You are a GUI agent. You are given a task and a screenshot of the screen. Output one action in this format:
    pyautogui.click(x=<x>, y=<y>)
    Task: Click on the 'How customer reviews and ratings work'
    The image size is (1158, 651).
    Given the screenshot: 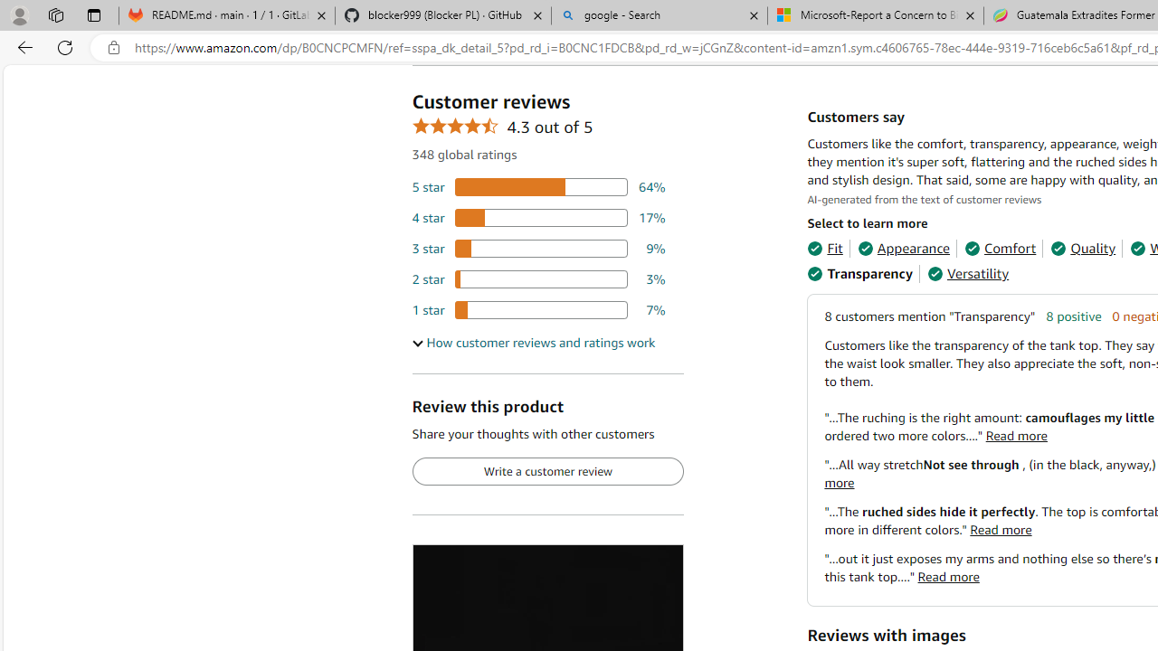 What is the action you would take?
    pyautogui.click(x=532, y=343)
    